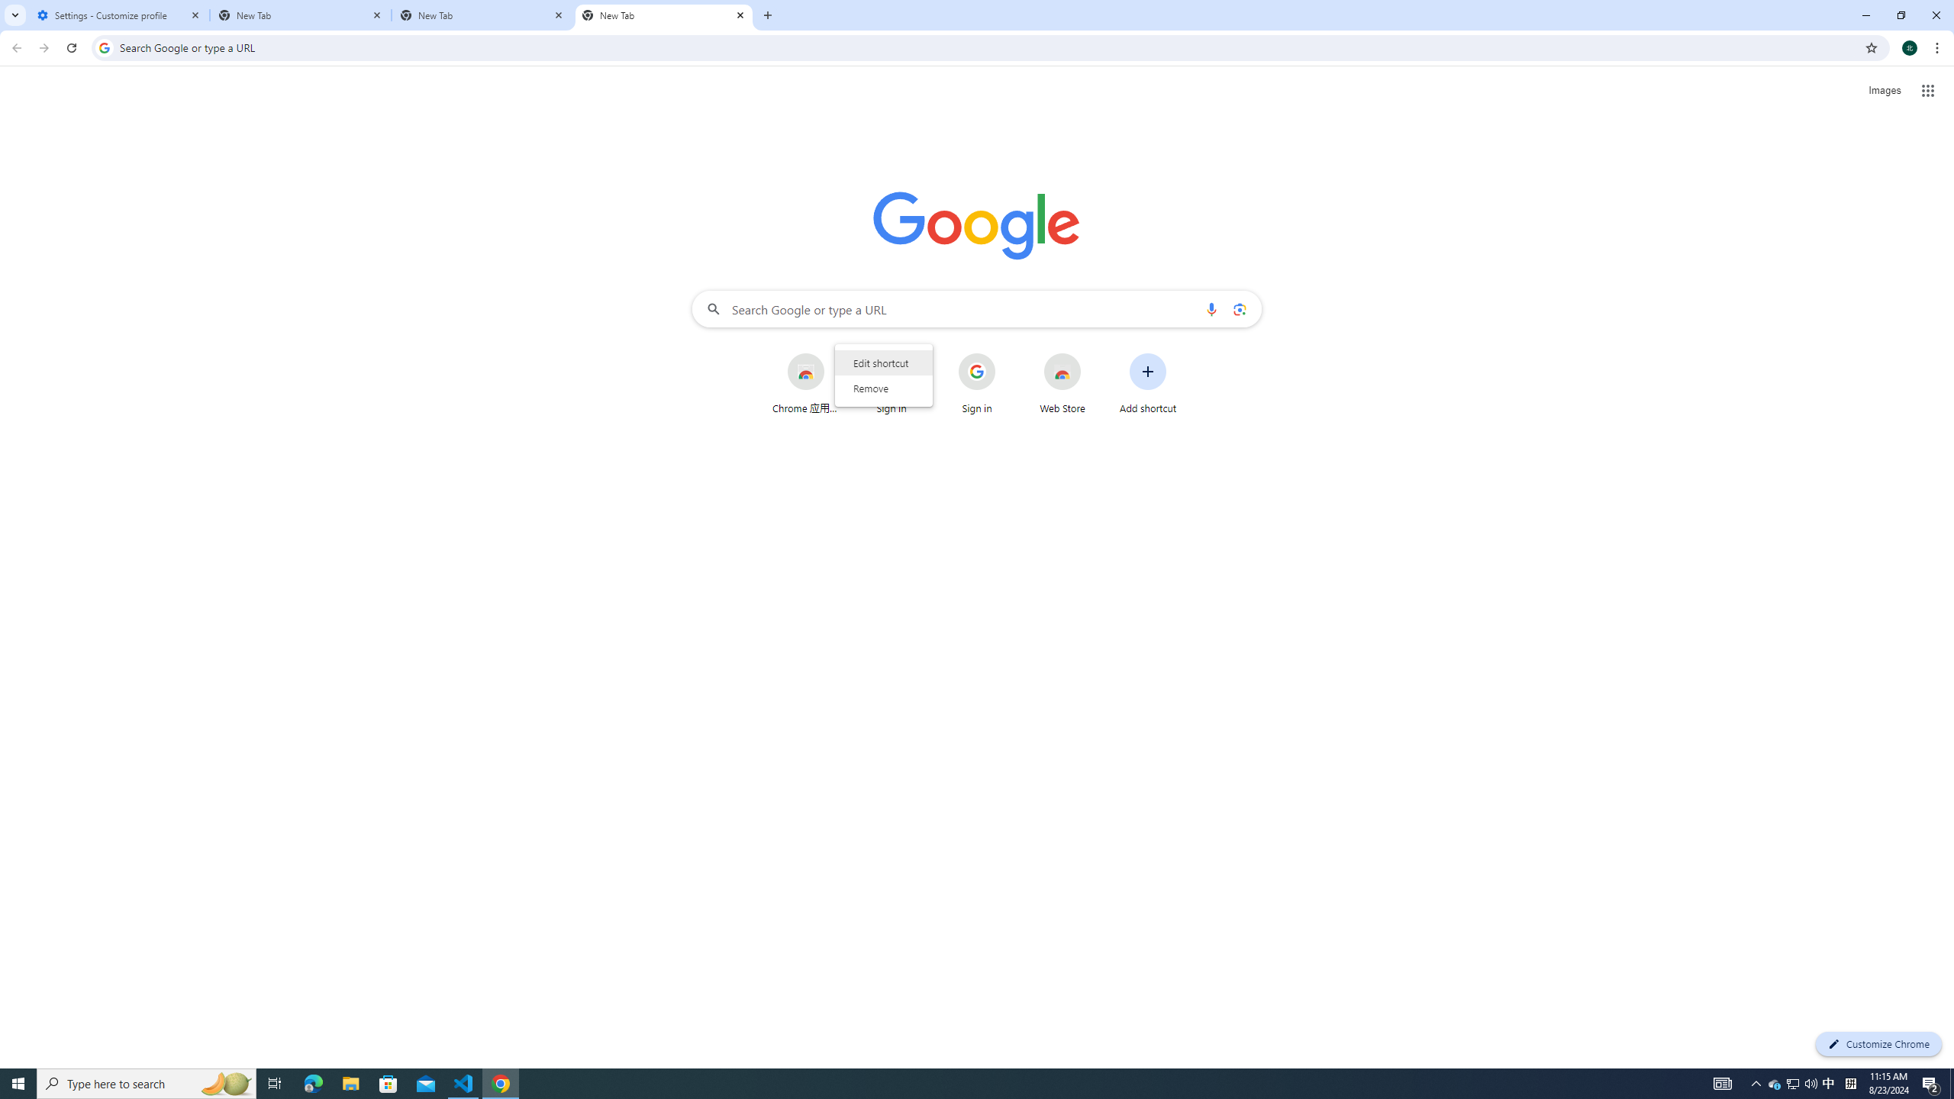  What do you see at coordinates (663, 15) in the screenshot?
I see `'New Tab'` at bounding box center [663, 15].